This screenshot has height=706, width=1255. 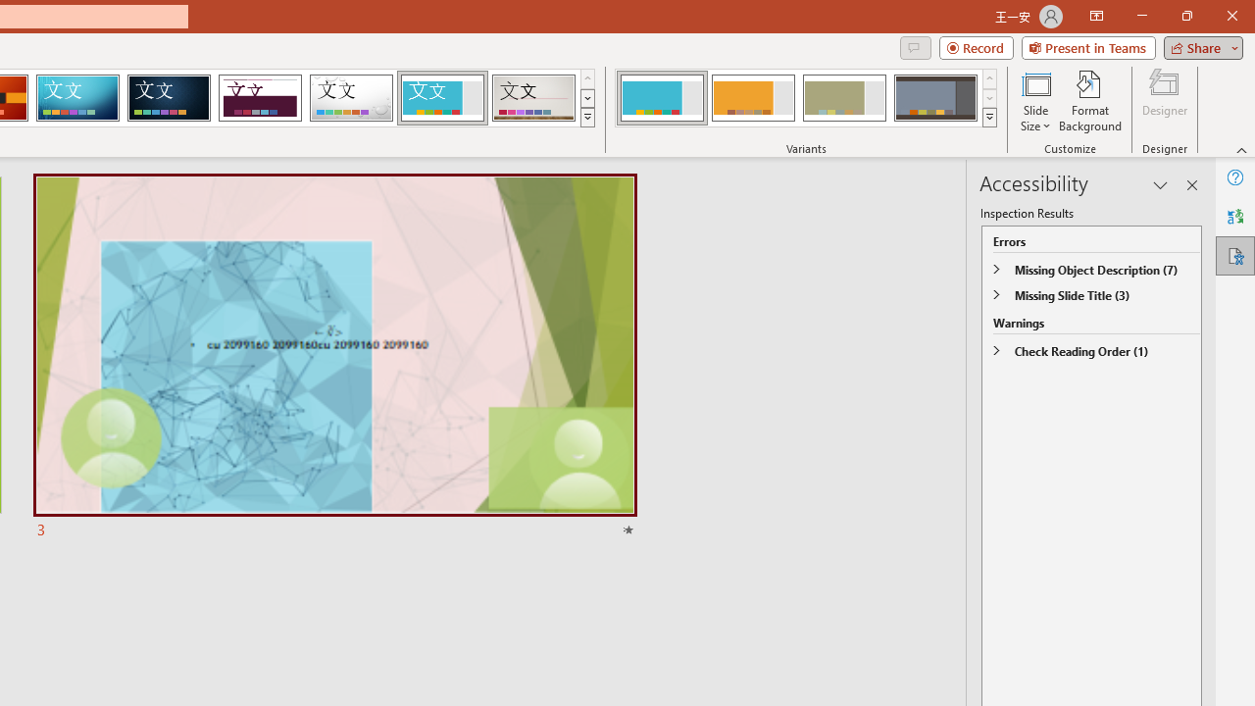 I want to click on 'Variants', so click(x=989, y=118).